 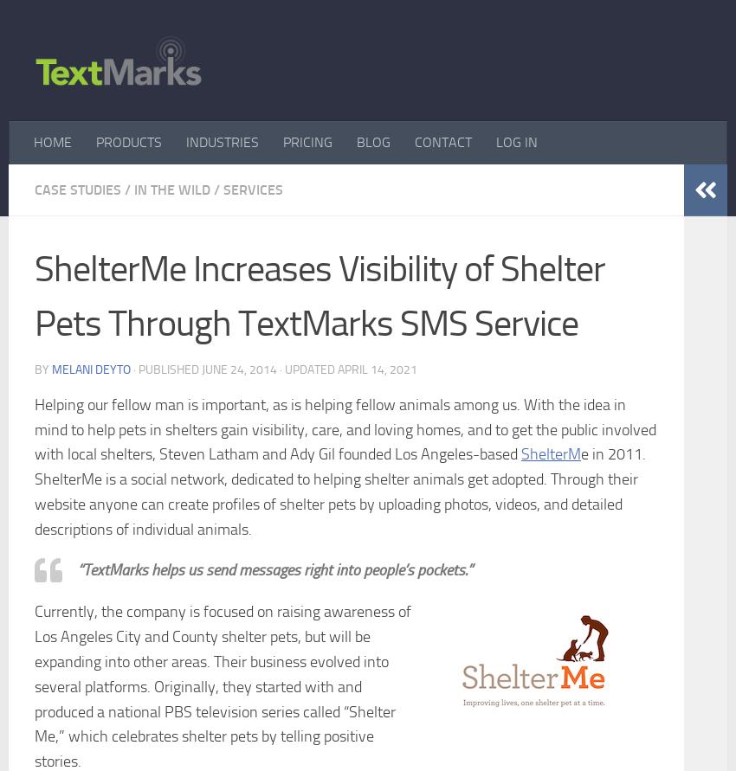 What do you see at coordinates (306, 369) in the screenshot?
I see `'· Updated'` at bounding box center [306, 369].